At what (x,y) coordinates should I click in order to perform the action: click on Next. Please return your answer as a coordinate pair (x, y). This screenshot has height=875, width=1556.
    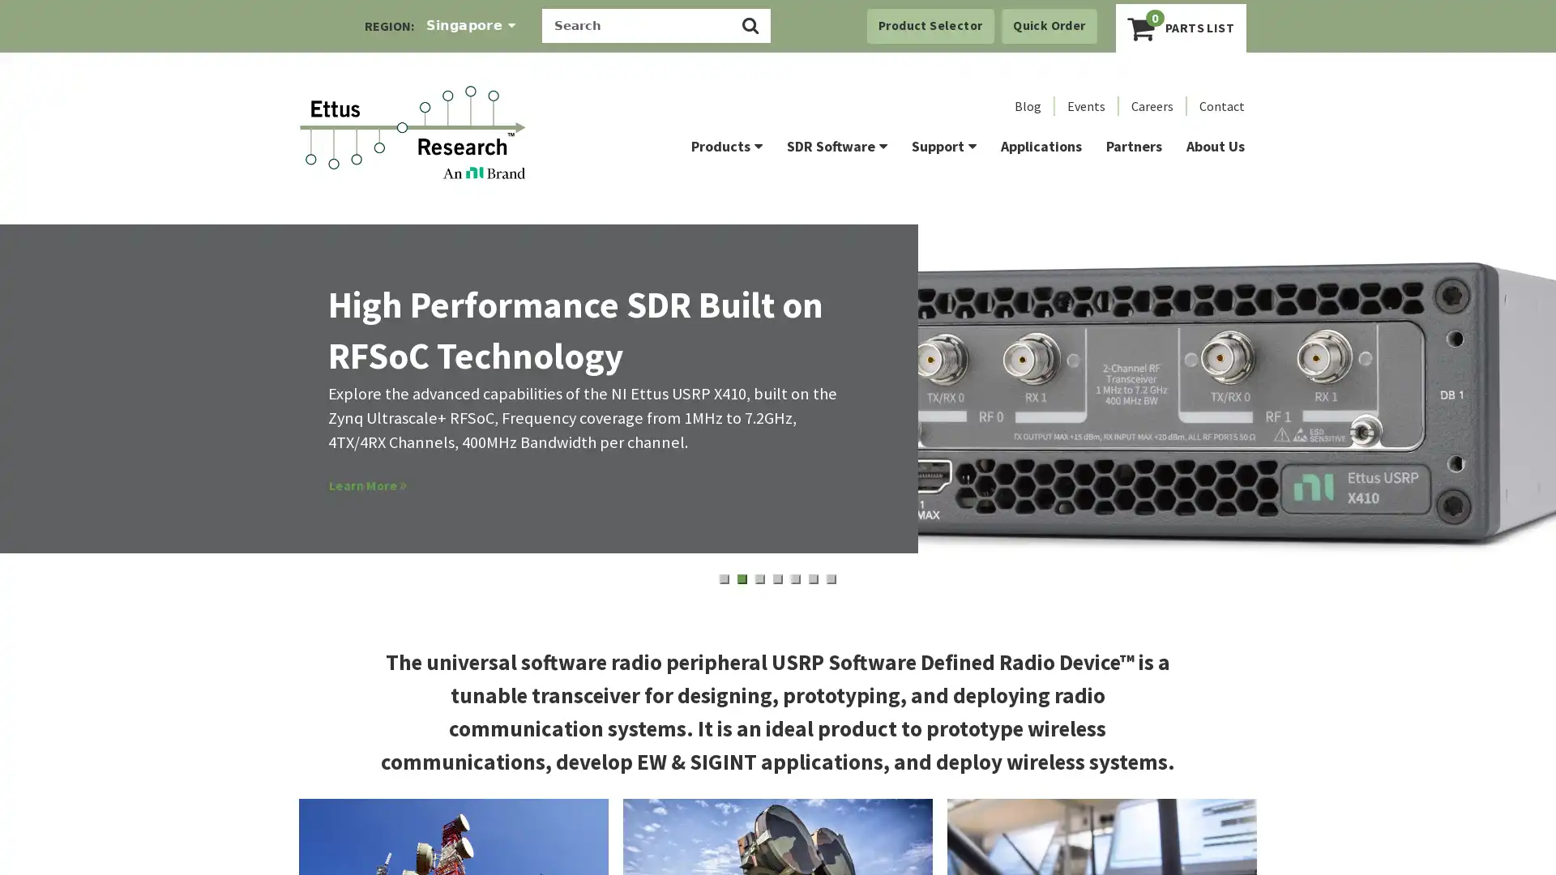
    Looking at the image, I should click on (1507, 416).